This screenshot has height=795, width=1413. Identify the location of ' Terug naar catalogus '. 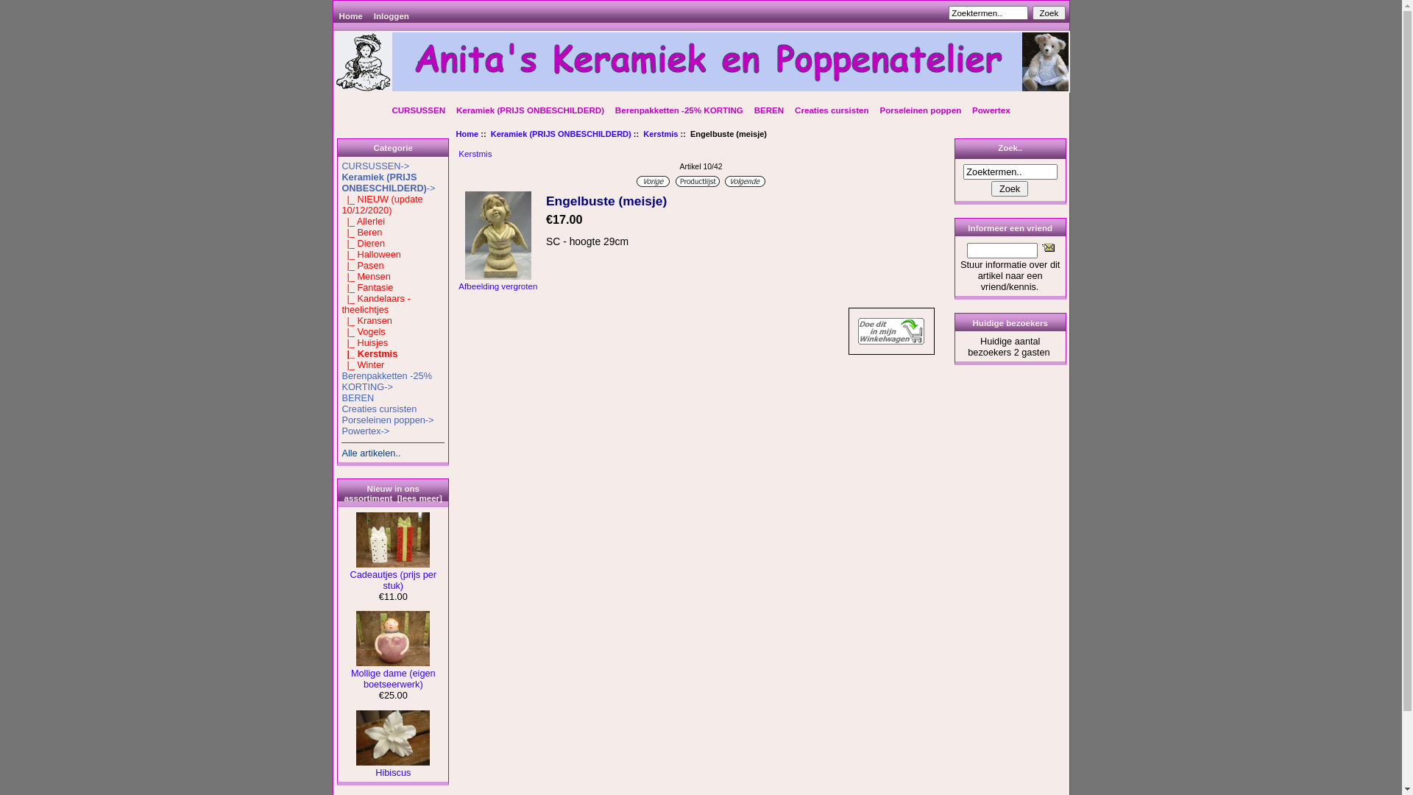
(697, 180).